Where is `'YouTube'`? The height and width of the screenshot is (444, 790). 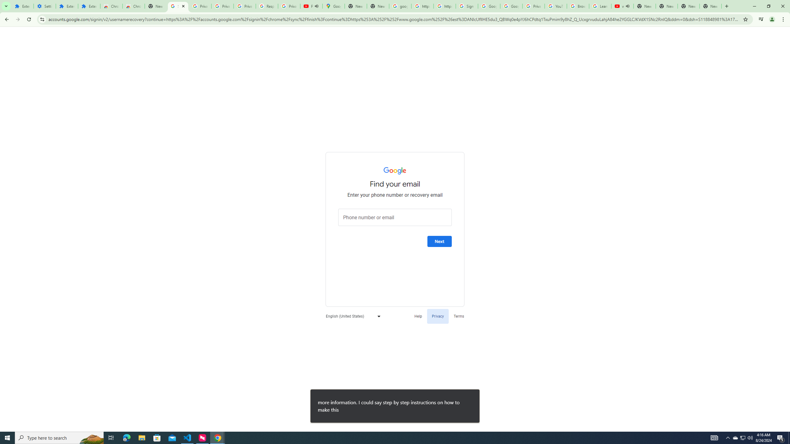
'YouTube' is located at coordinates (555, 6).